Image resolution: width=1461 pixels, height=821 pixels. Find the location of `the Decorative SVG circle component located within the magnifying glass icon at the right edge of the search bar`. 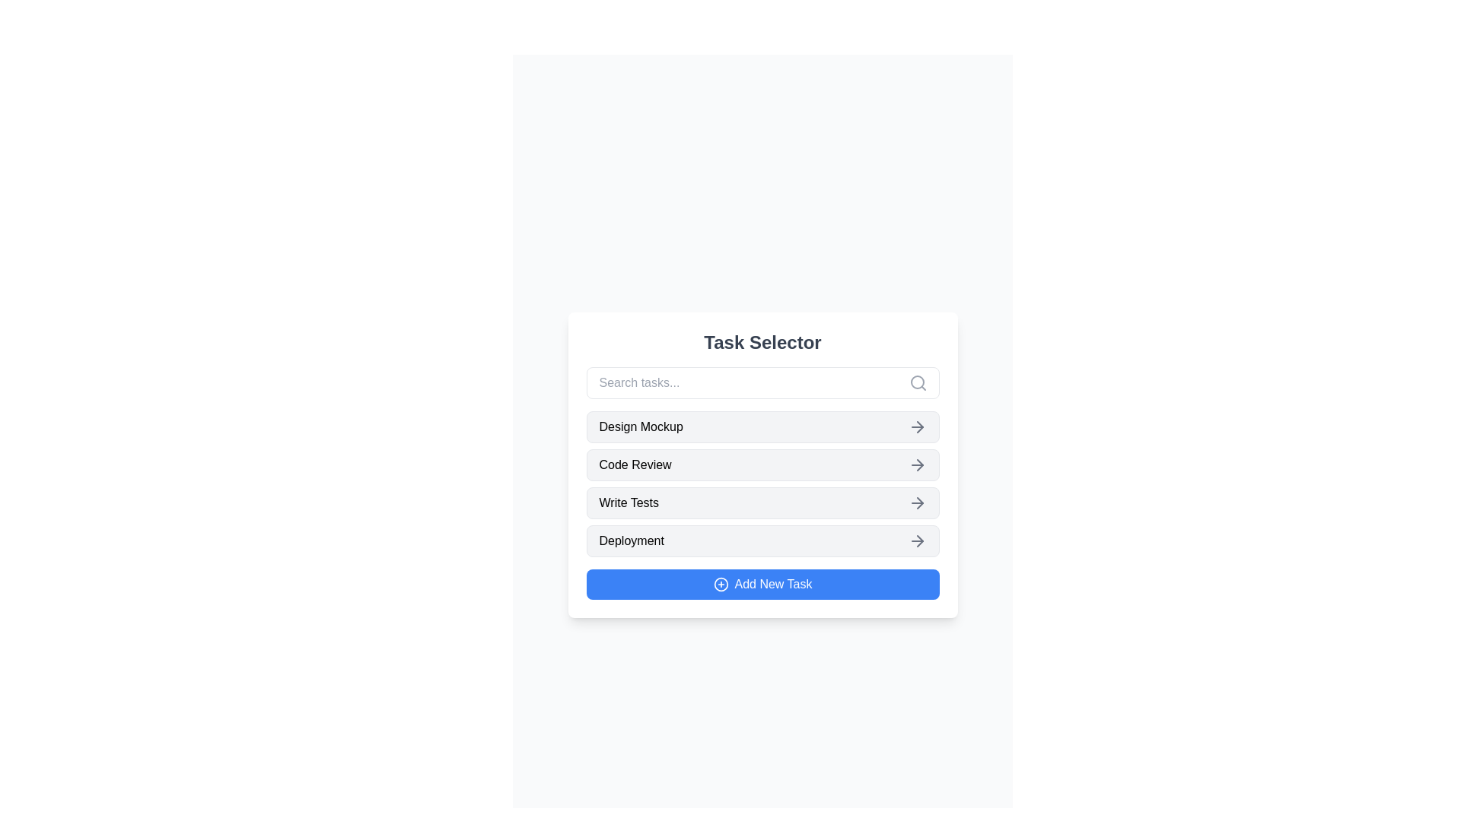

the Decorative SVG circle component located within the magnifying glass icon at the right edge of the search bar is located at coordinates (916, 381).